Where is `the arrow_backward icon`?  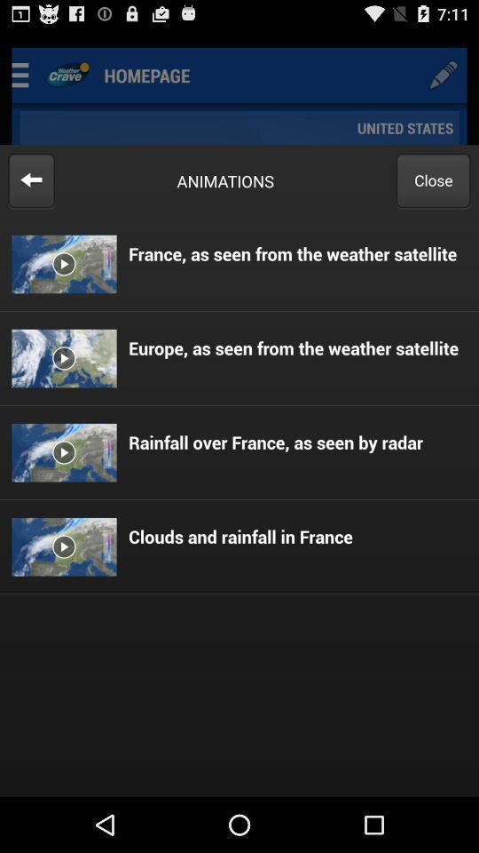 the arrow_backward icon is located at coordinates (31, 193).